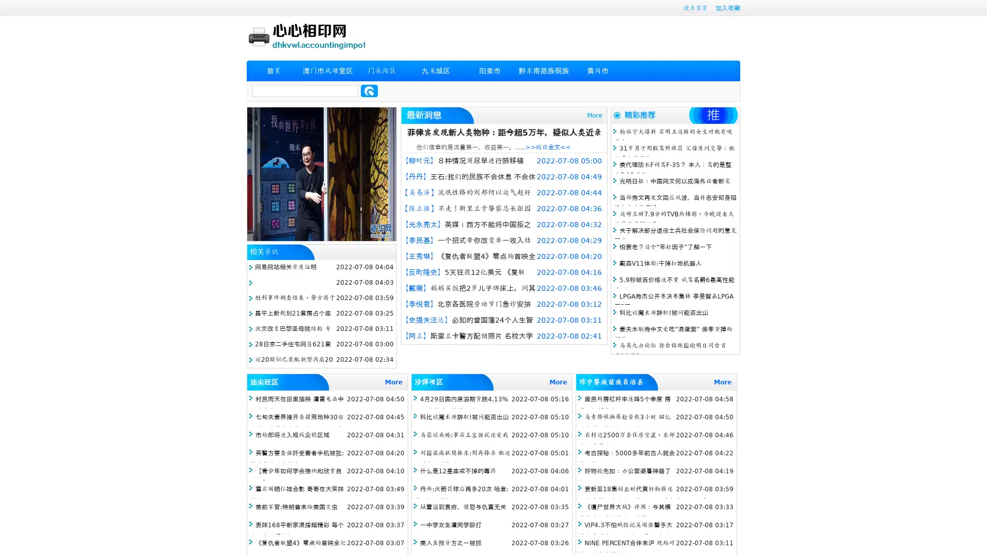  Describe the element at coordinates (369, 90) in the screenshot. I see `Search` at that location.